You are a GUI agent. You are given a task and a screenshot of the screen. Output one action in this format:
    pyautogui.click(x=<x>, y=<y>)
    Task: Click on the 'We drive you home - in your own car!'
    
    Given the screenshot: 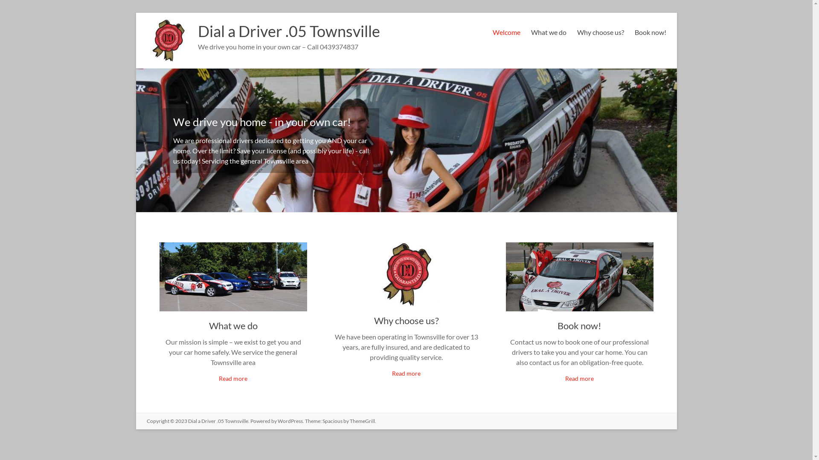 What is the action you would take?
    pyautogui.click(x=261, y=121)
    